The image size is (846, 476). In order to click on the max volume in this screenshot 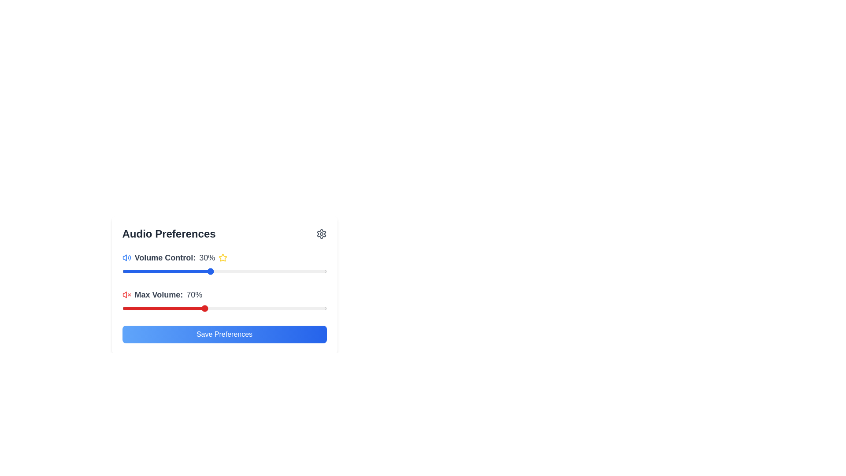, I will do `click(126, 308)`.